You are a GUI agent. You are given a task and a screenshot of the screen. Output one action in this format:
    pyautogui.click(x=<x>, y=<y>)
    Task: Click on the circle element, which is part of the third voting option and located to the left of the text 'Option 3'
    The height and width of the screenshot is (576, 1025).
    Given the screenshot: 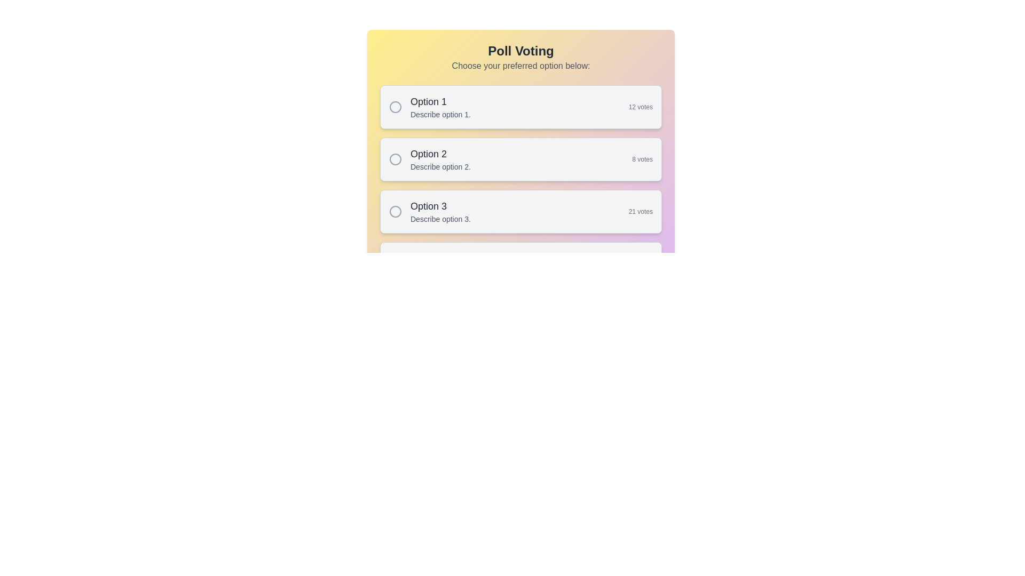 What is the action you would take?
    pyautogui.click(x=395, y=212)
    